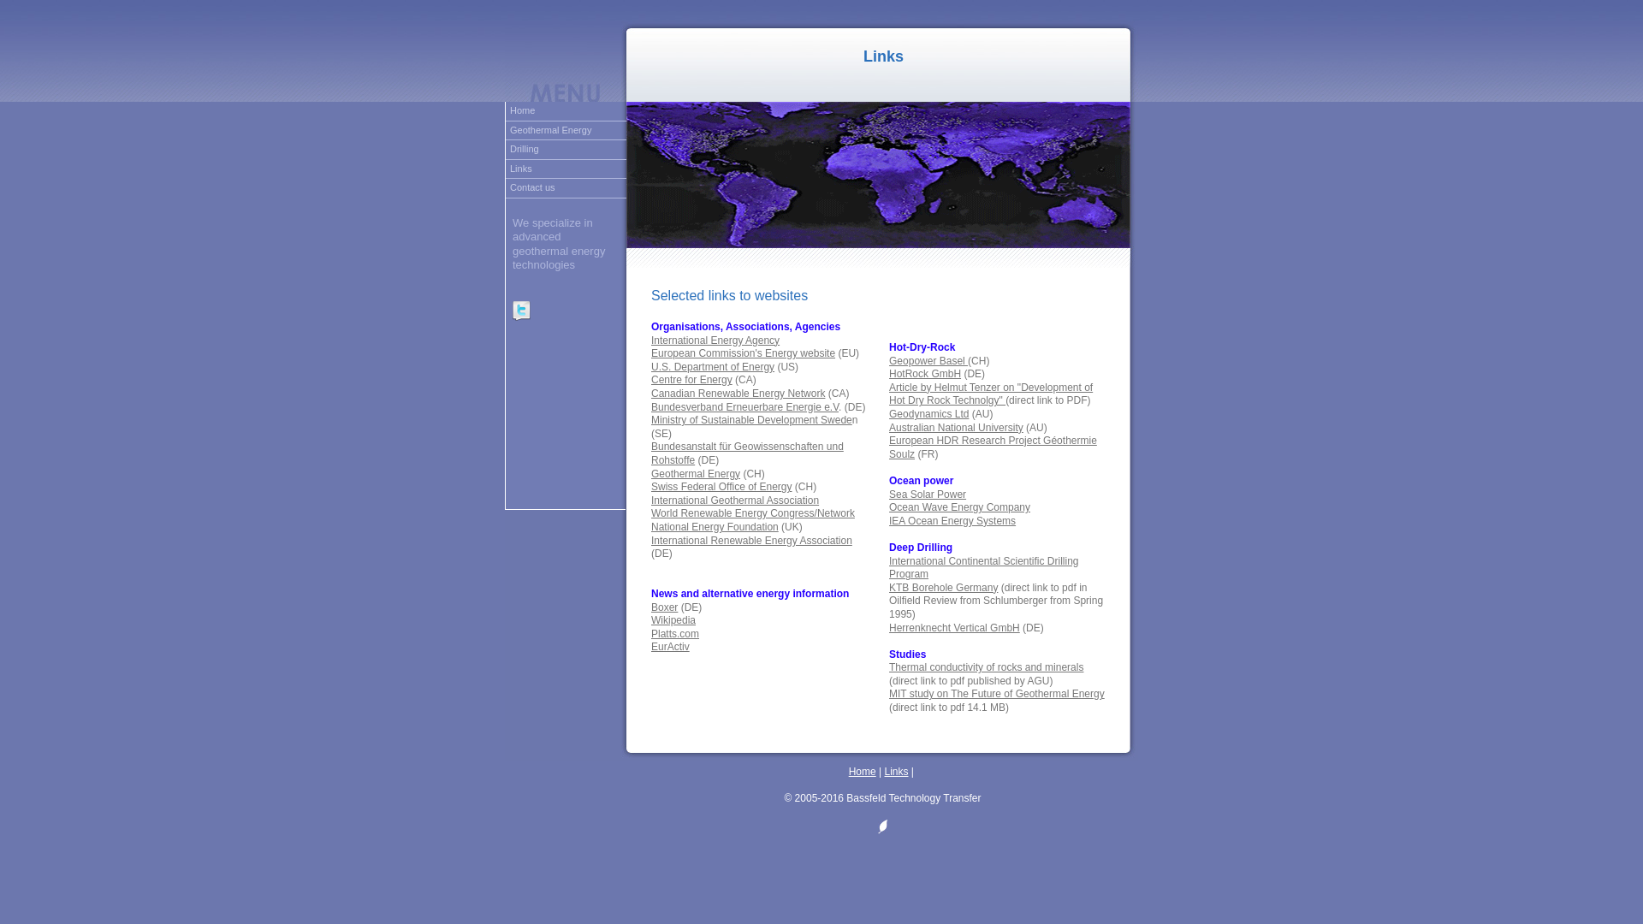  What do you see at coordinates (566, 169) in the screenshot?
I see `'Links'` at bounding box center [566, 169].